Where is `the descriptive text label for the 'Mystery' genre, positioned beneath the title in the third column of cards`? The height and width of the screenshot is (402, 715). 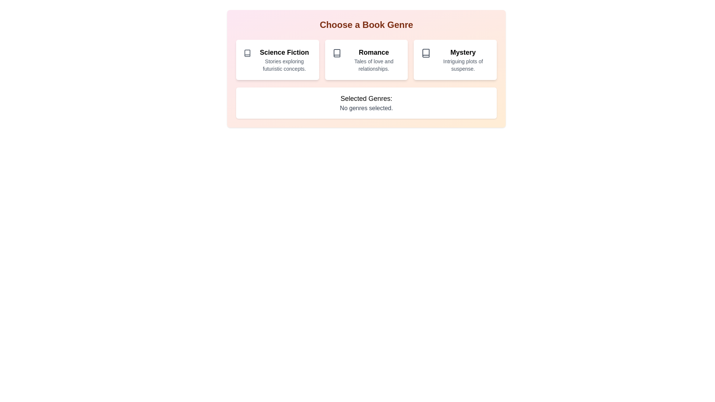 the descriptive text label for the 'Mystery' genre, positioned beneath the title in the third column of cards is located at coordinates (463, 64).